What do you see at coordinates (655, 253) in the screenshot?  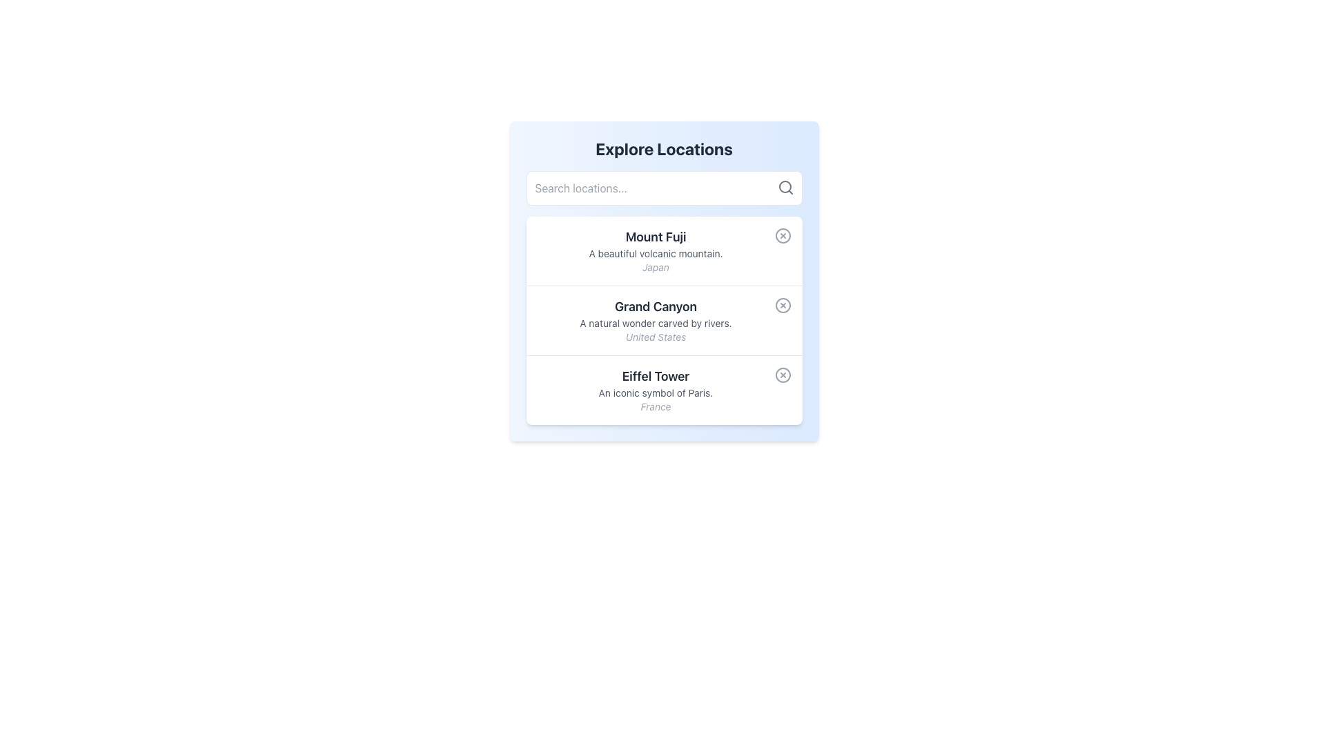 I see `the descriptive text element that states 'A beautiful volcanic mountain.' which is positioned under the title 'Mount Fuji'` at bounding box center [655, 253].